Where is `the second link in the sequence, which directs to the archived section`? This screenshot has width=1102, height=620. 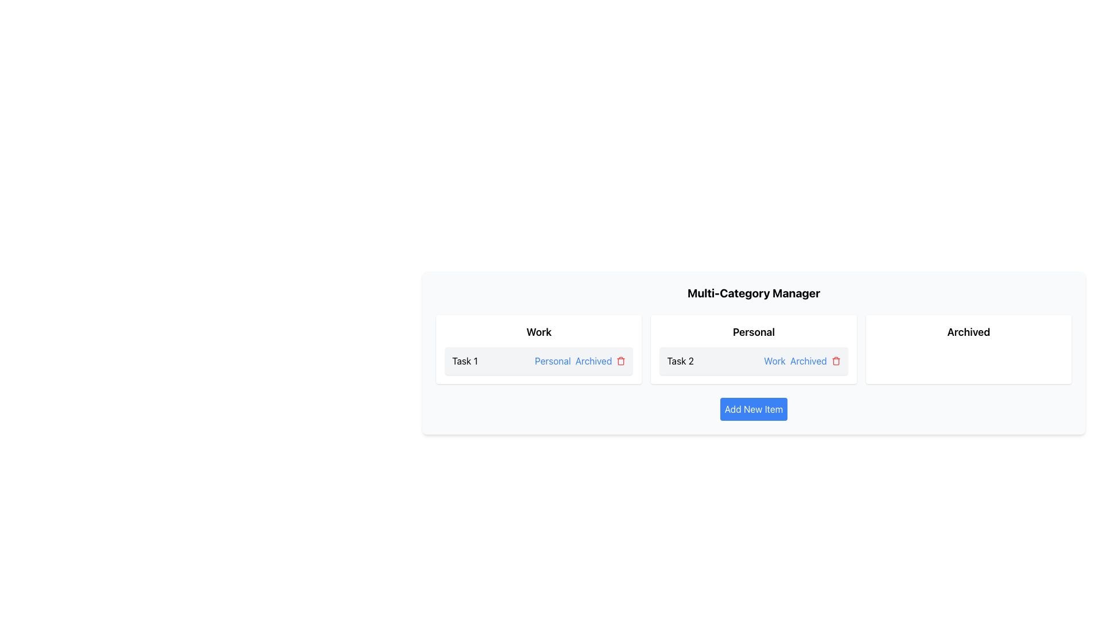 the second link in the sequence, which directs to the archived section is located at coordinates (593, 360).